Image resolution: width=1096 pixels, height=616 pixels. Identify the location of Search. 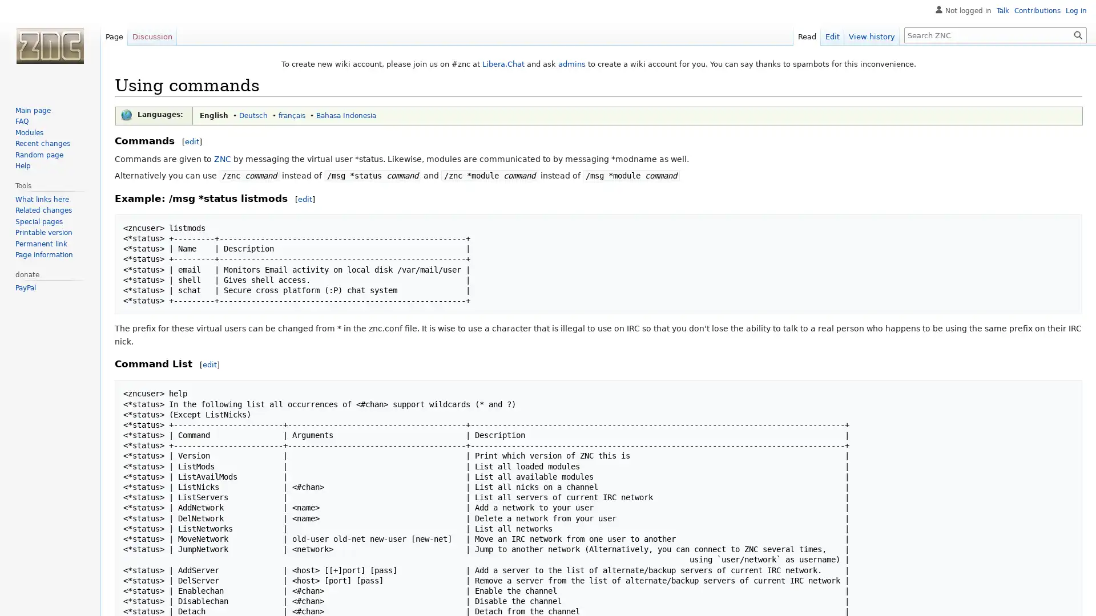
(1078, 34).